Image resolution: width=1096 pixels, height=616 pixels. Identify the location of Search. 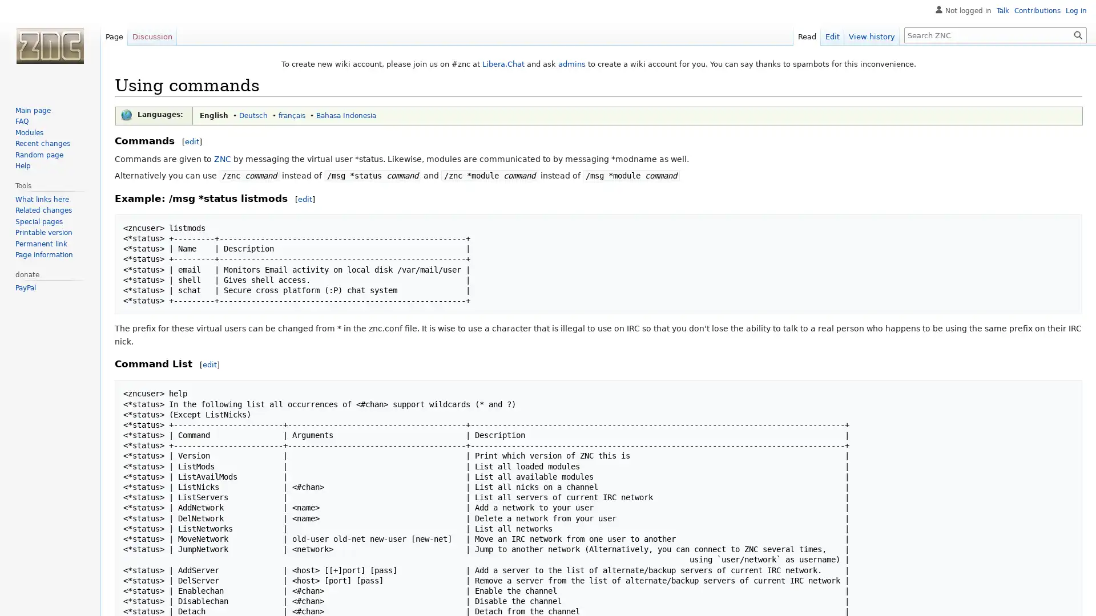
(1078, 34).